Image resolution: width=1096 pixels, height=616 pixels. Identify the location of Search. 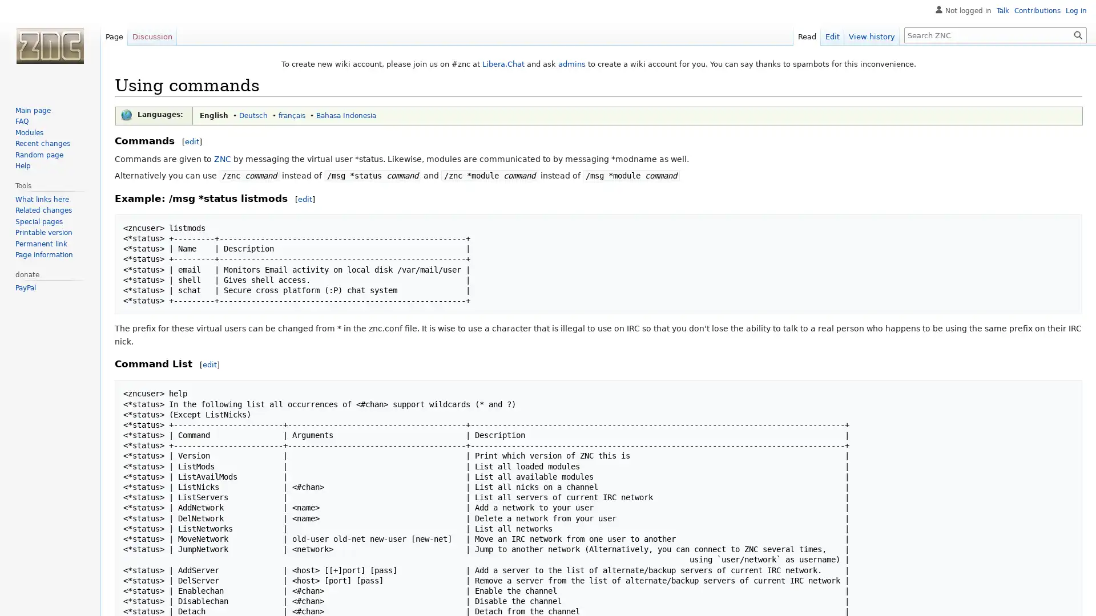
(1078, 34).